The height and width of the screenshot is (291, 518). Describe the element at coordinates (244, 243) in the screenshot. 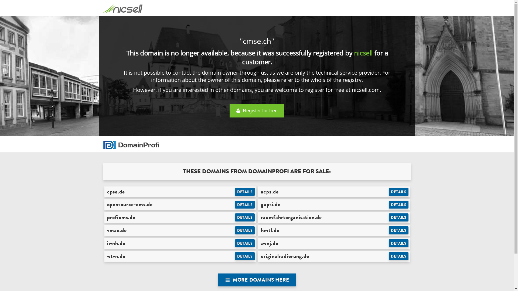

I see `'DETAILS'` at that location.